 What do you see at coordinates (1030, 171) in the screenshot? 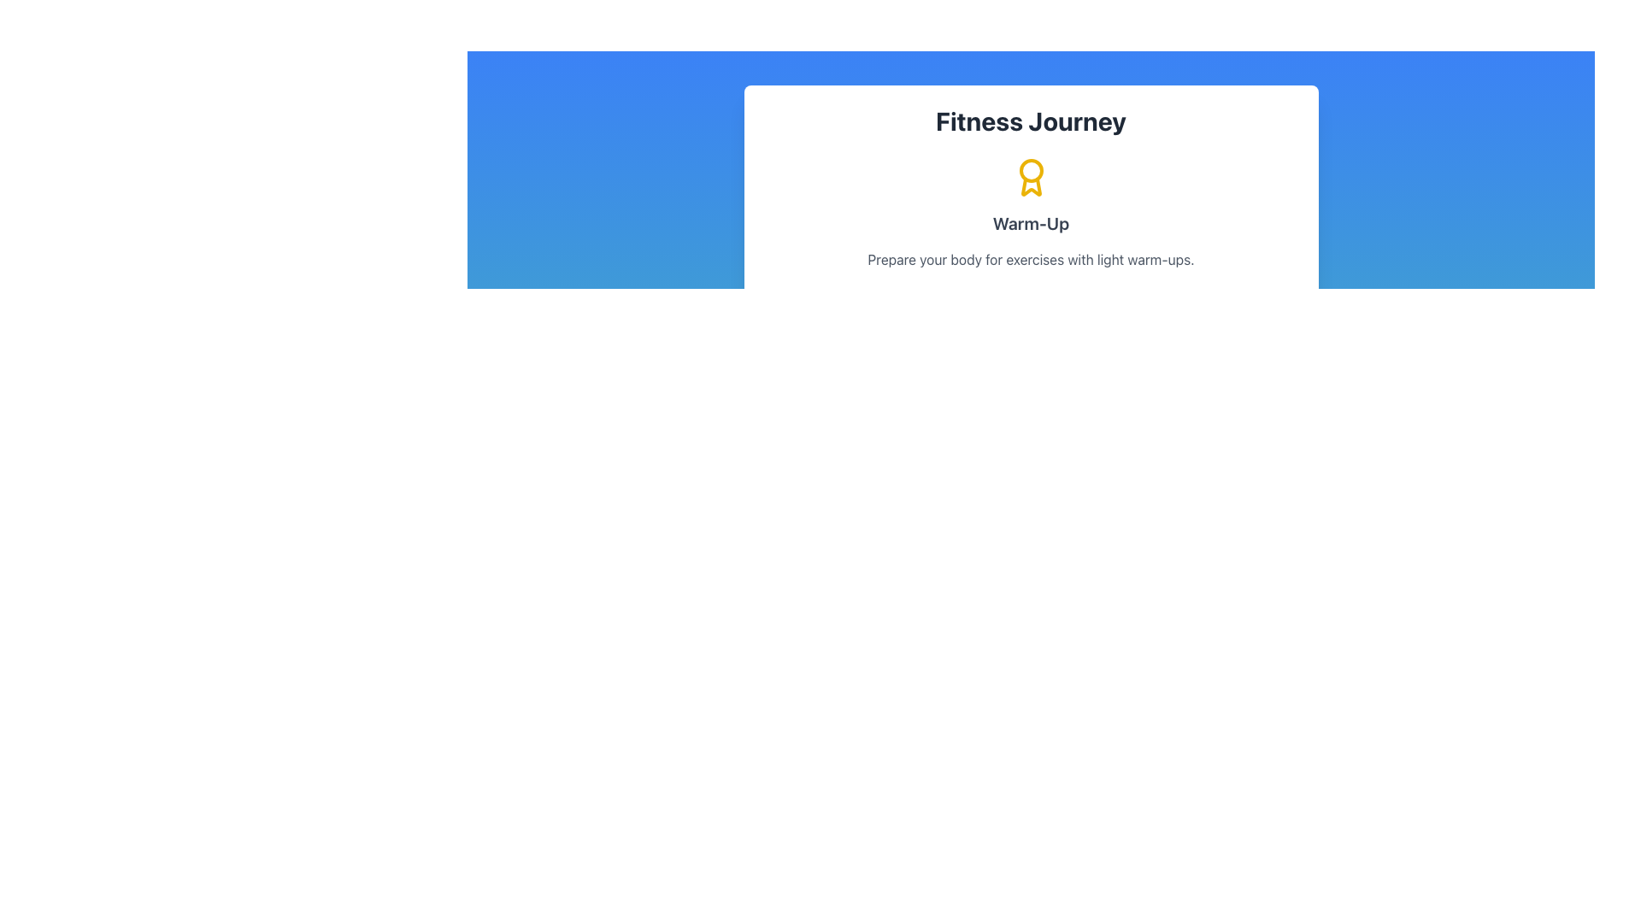
I see `the graphical decoration within the badge icon located below the title 'Fitness Journey' and above the subtitle 'Warm-Up' in the blue gradient header` at bounding box center [1030, 171].